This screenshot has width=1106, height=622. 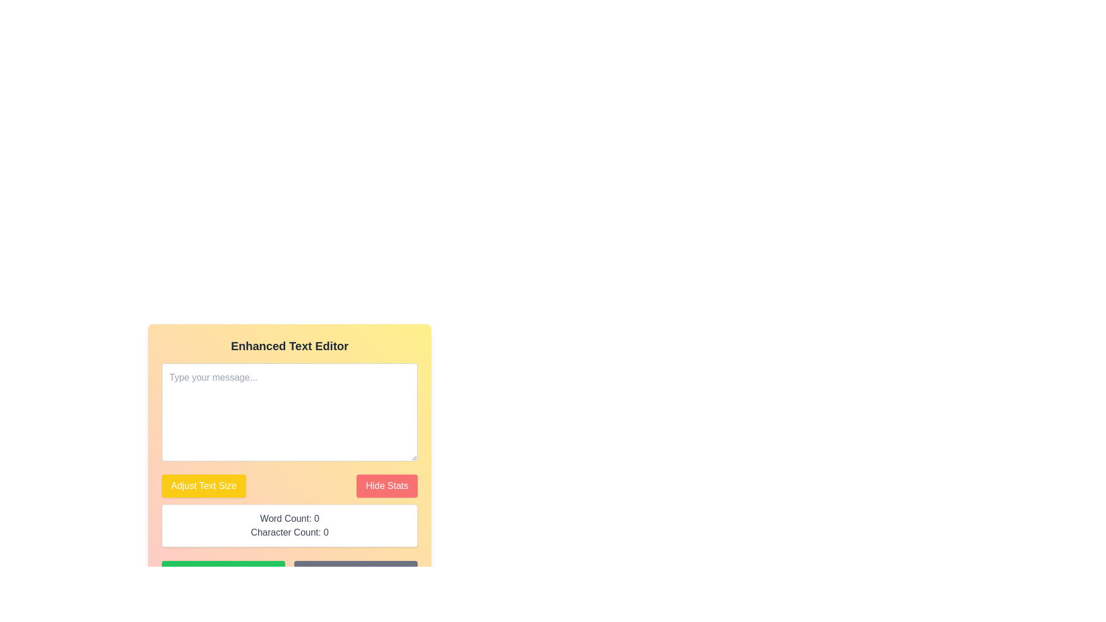 What do you see at coordinates (210, 572) in the screenshot?
I see `the save icon located at the leftmost part of the green rectangular button labeled 'Save' to initiate saving` at bounding box center [210, 572].